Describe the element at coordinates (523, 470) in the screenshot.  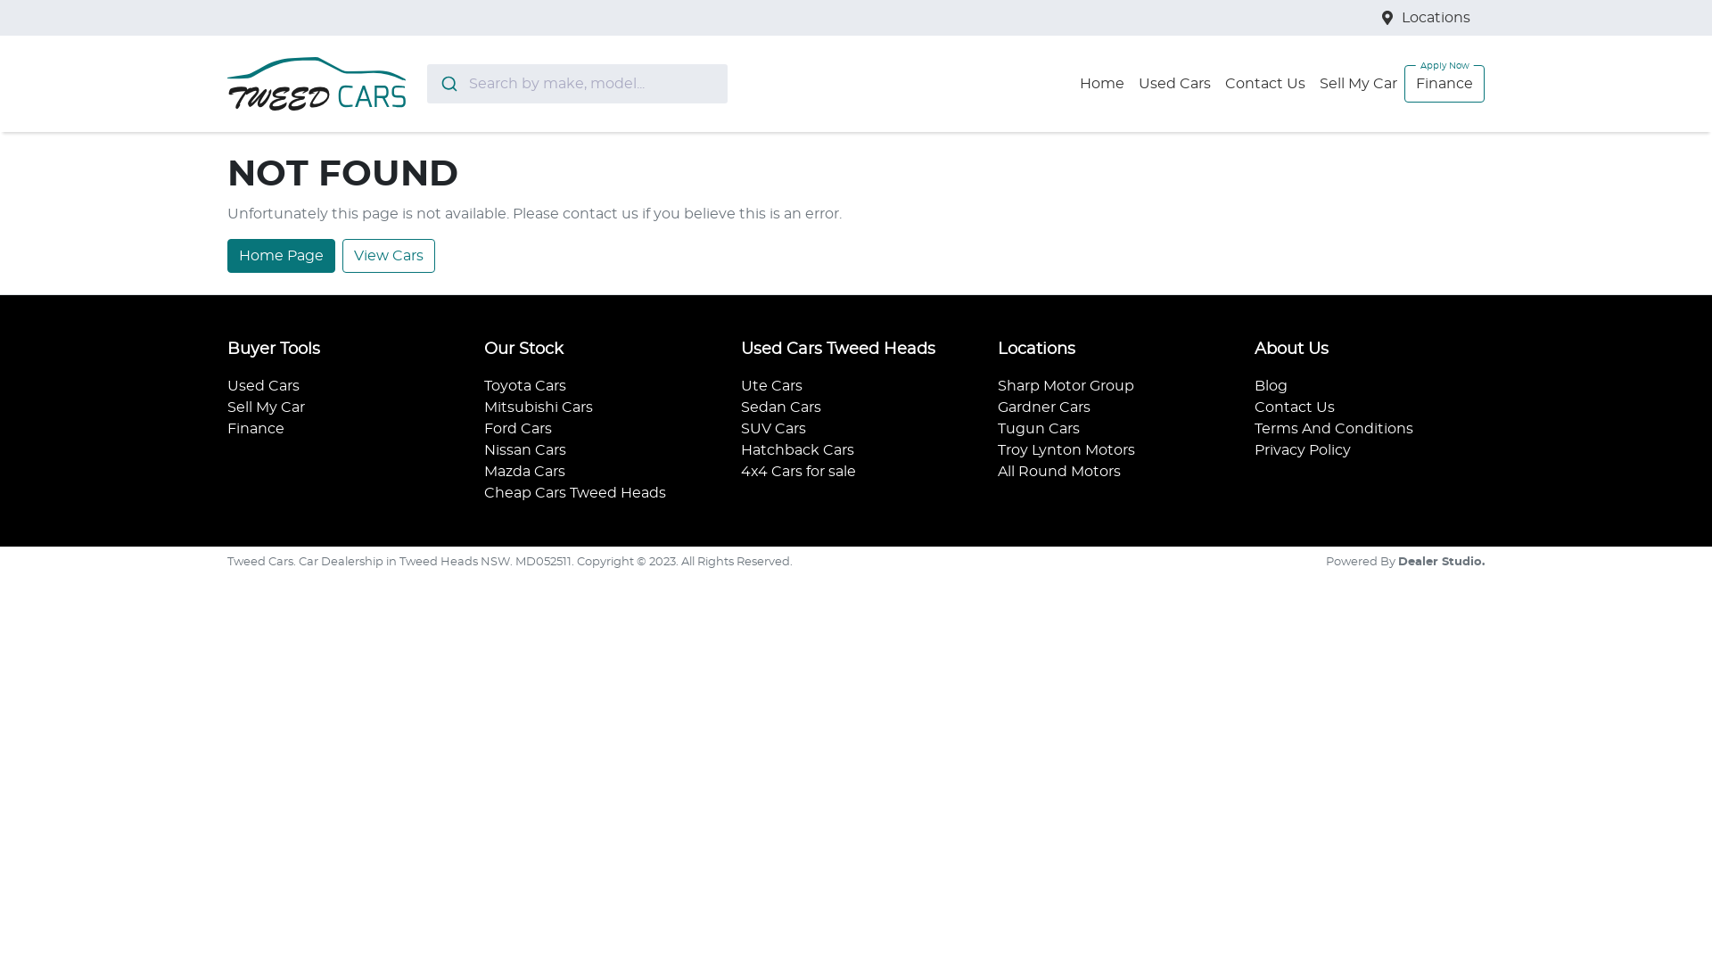
I see `'Mazda Cars'` at that location.